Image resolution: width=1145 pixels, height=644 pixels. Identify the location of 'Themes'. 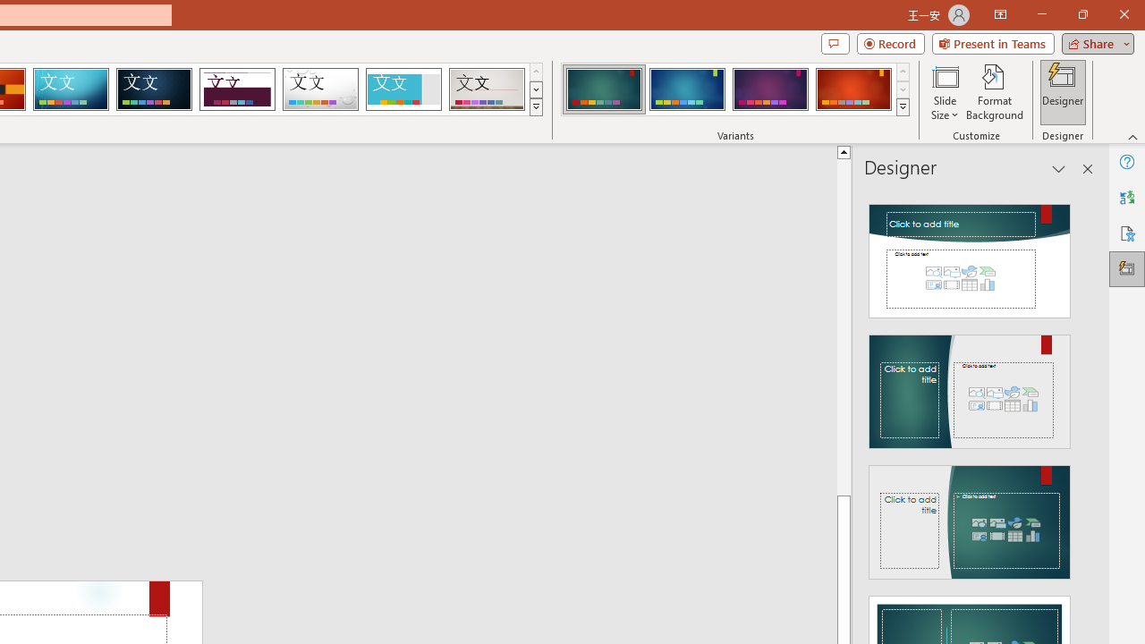
(535, 107).